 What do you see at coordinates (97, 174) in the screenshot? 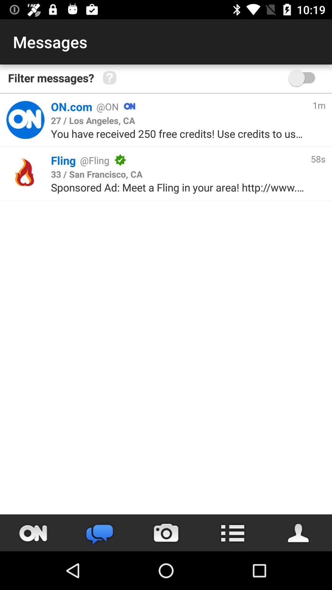
I see `the icon above sponsored ad meet` at bounding box center [97, 174].